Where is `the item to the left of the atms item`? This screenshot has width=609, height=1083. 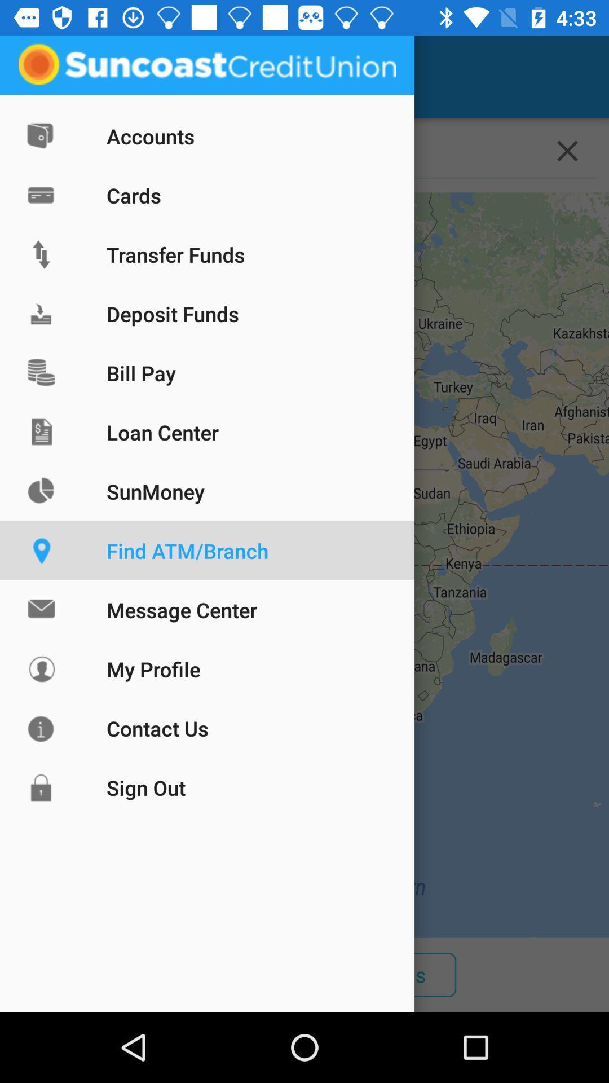 the item to the left of the atms item is located at coordinates (88, 974).